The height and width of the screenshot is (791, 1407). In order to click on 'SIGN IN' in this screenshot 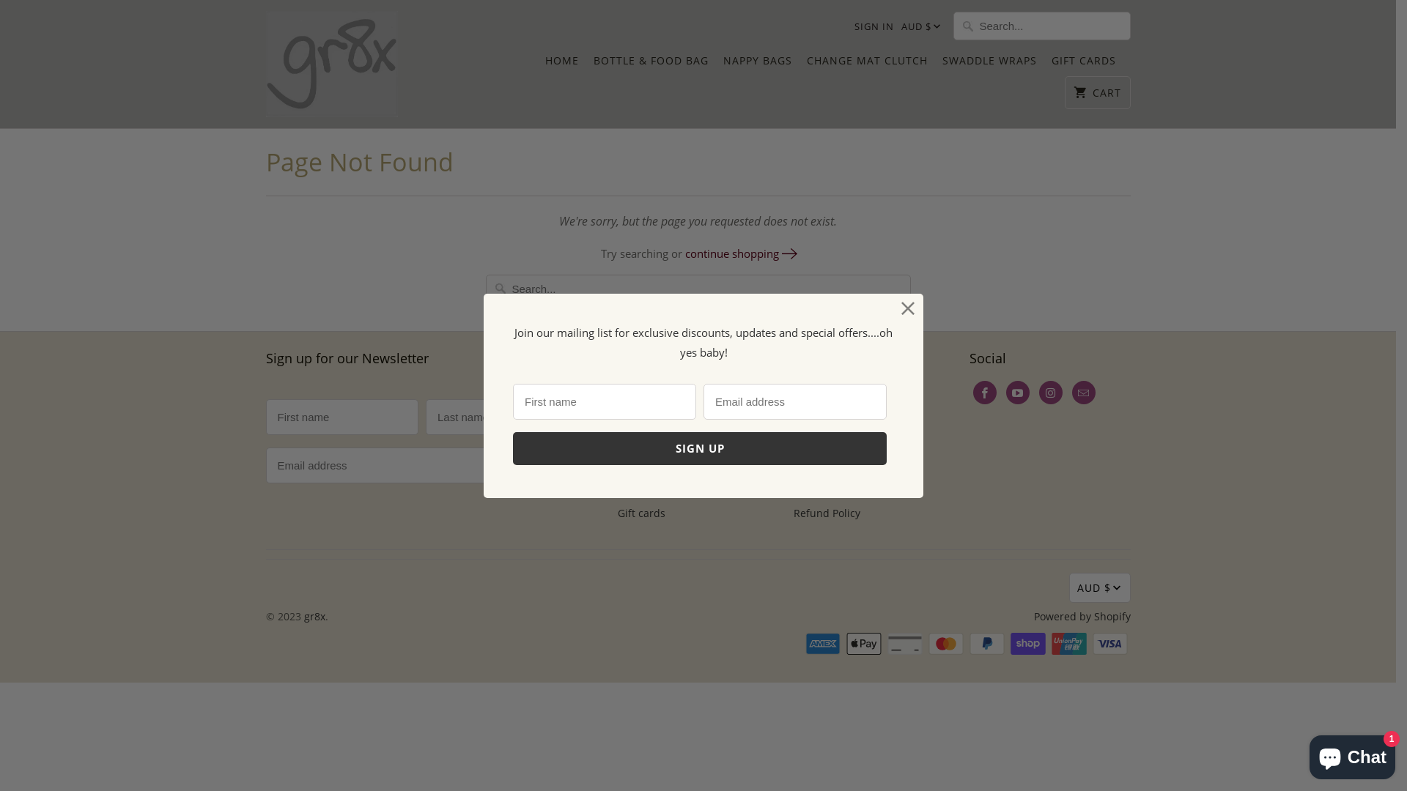, I will do `click(874, 26)`.